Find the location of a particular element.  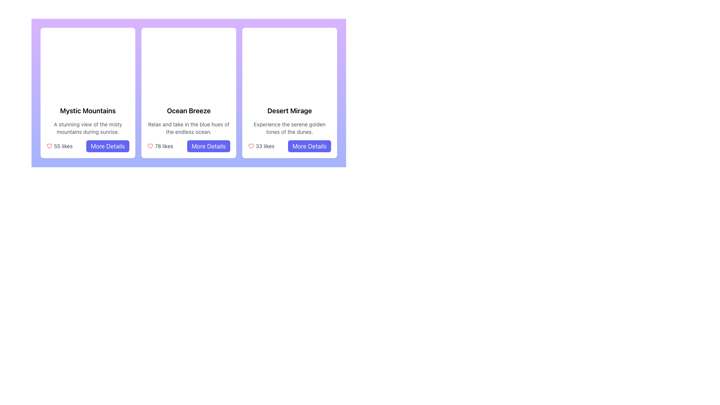

the likes count and heart icon in the Multi-element compound located at the bottom of the 'Mystic Mountains' card, which consists of a red heart icon and the text '55 likes' is located at coordinates (88, 146).